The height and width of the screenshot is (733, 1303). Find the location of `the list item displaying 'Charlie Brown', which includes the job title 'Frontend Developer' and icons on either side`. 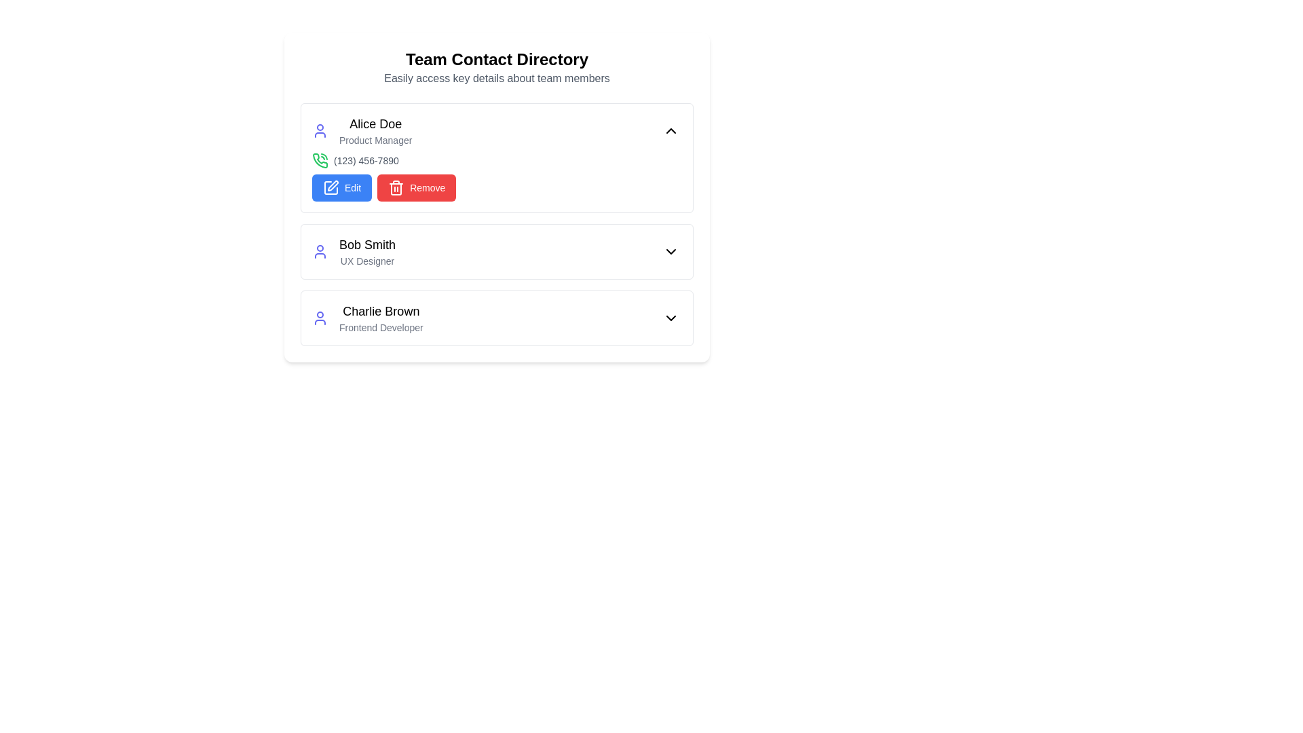

the list item displaying 'Charlie Brown', which includes the job title 'Frontend Developer' and icons on either side is located at coordinates (496, 318).